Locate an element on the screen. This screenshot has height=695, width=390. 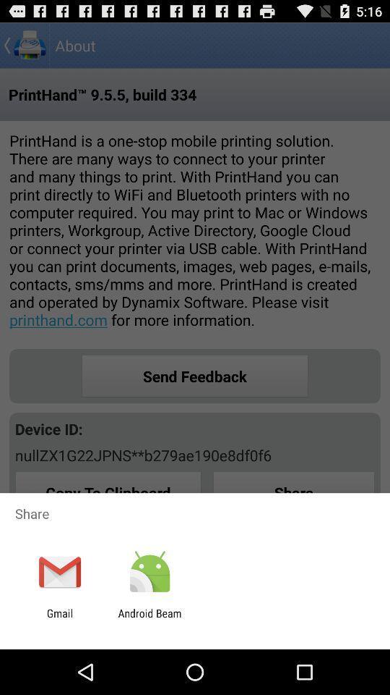
item next to gmail item is located at coordinates (149, 619).